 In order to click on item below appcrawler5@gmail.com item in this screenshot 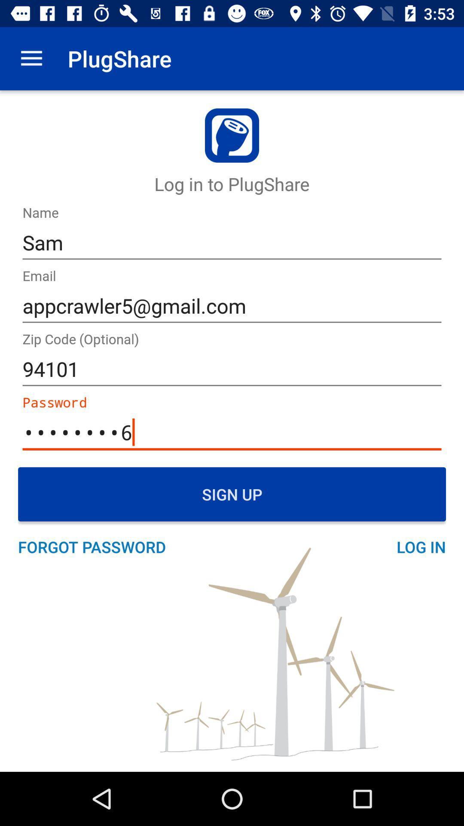, I will do `click(232, 369)`.